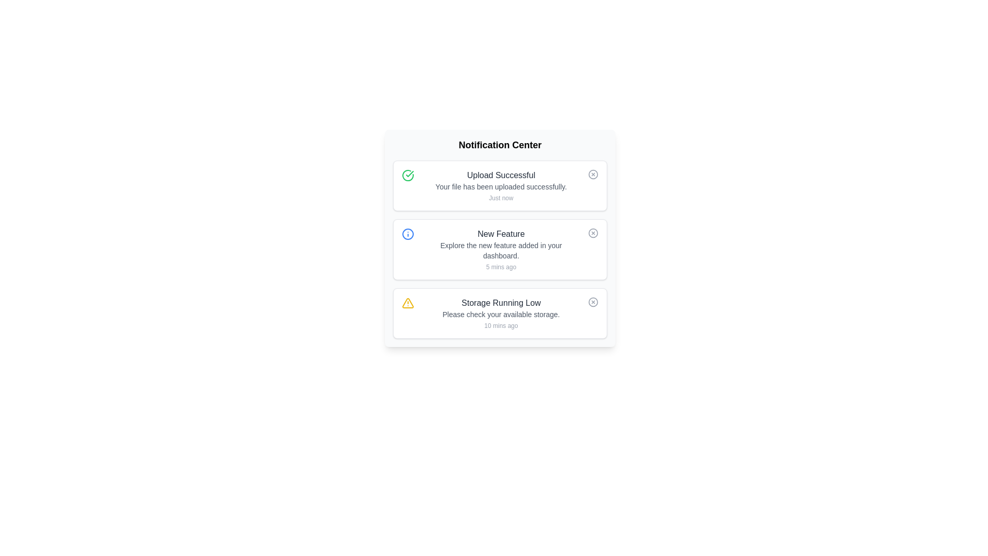 The image size is (988, 556). I want to click on the informative text element that provides details about the 'New Feature' notification, so click(501, 250).